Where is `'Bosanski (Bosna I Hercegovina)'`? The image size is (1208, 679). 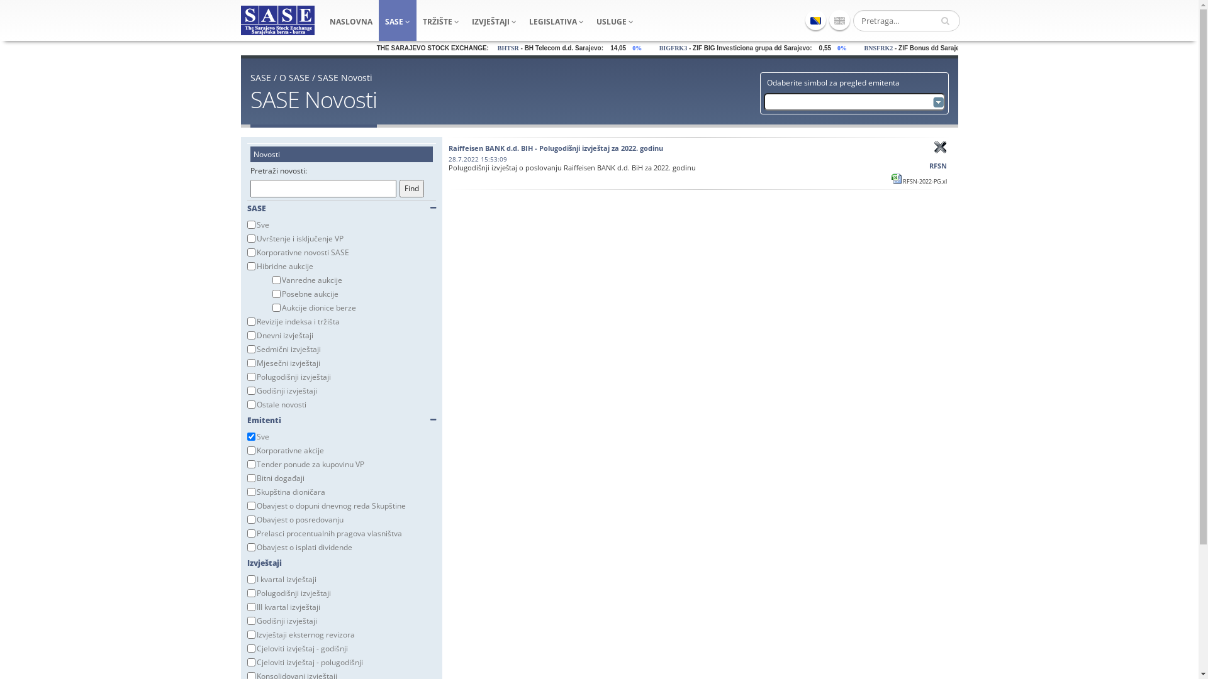 'Bosanski (Bosna I Hercegovina)' is located at coordinates (815, 19).